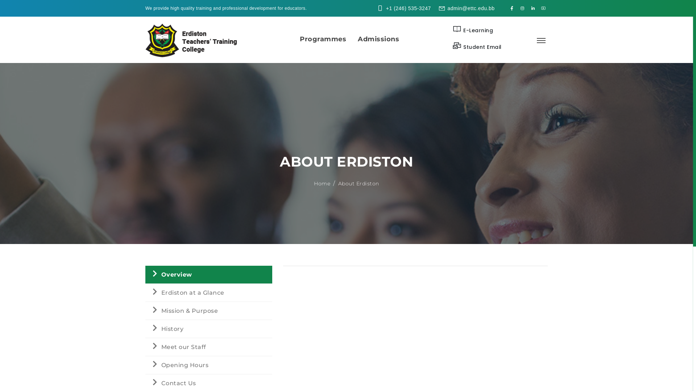  What do you see at coordinates (477, 46) in the screenshot?
I see `'Student Email'` at bounding box center [477, 46].